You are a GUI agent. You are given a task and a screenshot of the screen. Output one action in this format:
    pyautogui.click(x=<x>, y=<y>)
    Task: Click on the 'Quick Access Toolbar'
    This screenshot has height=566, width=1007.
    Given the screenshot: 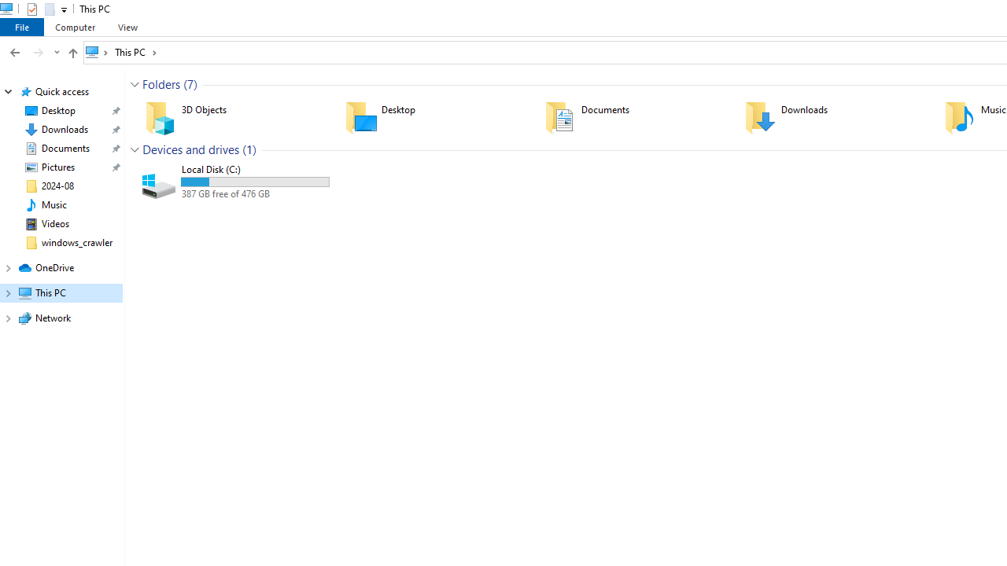 What is the action you would take?
    pyautogui.click(x=40, y=9)
    